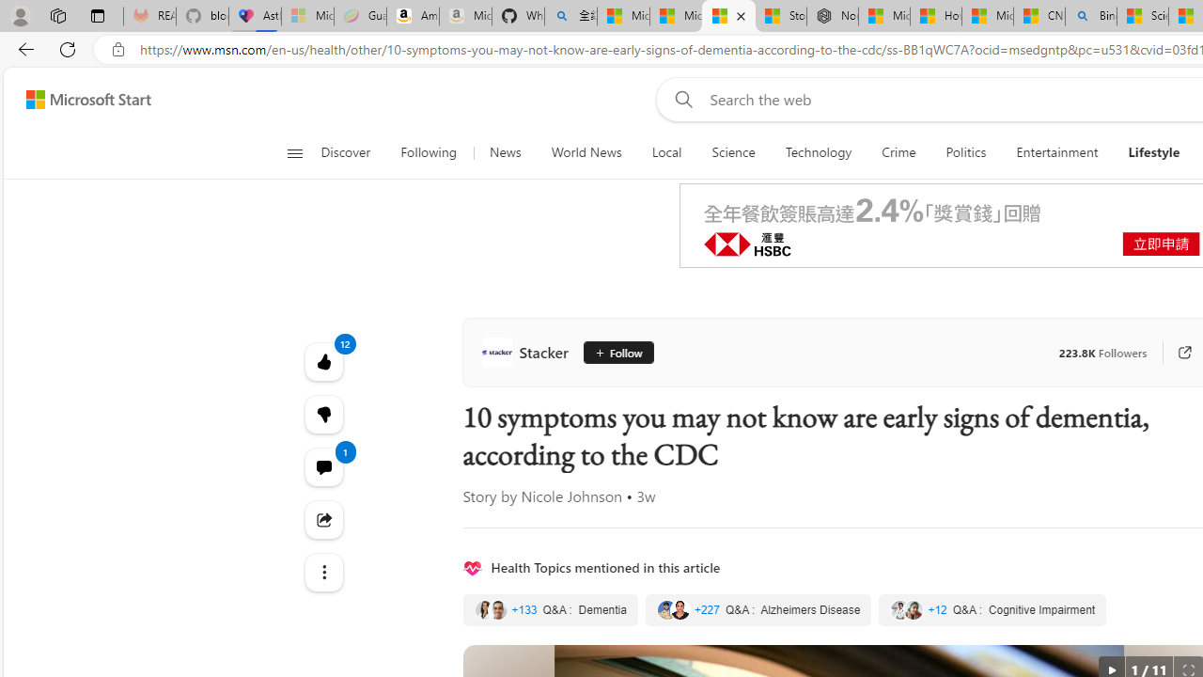 This screenshot has height=677, width=1203. I want to click on 'Crime', so click(898, 152).